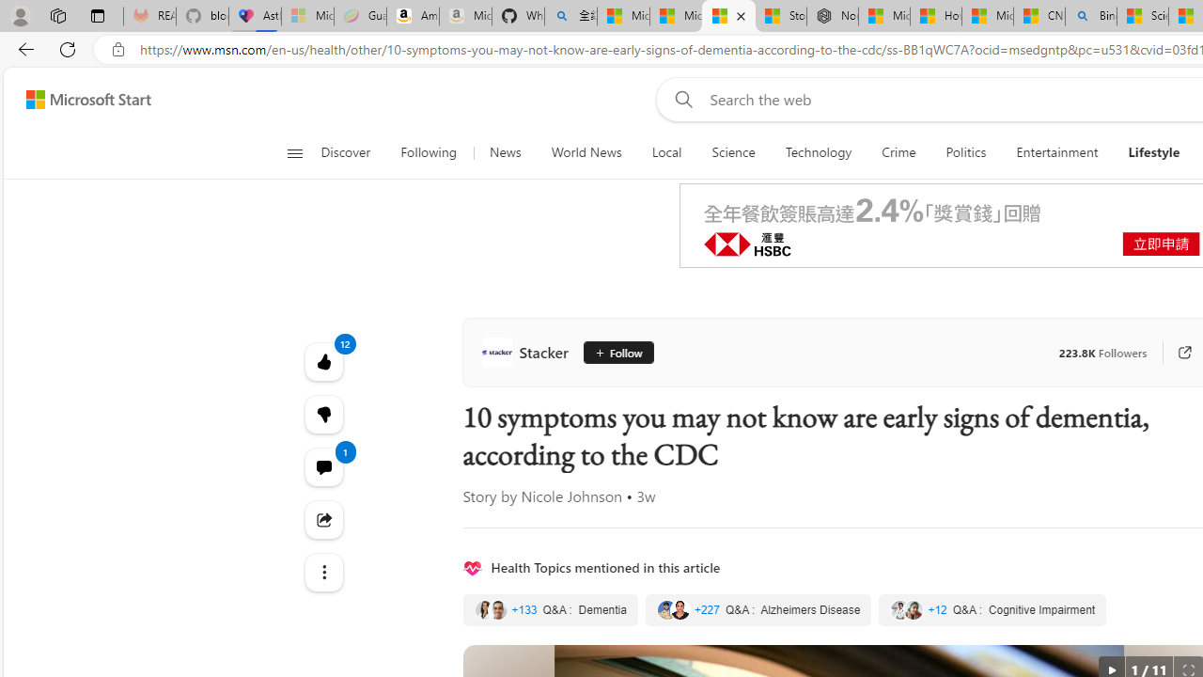 This screenshot has height=677, width=1203. I want to click on 'Crime', so click(898, 152).